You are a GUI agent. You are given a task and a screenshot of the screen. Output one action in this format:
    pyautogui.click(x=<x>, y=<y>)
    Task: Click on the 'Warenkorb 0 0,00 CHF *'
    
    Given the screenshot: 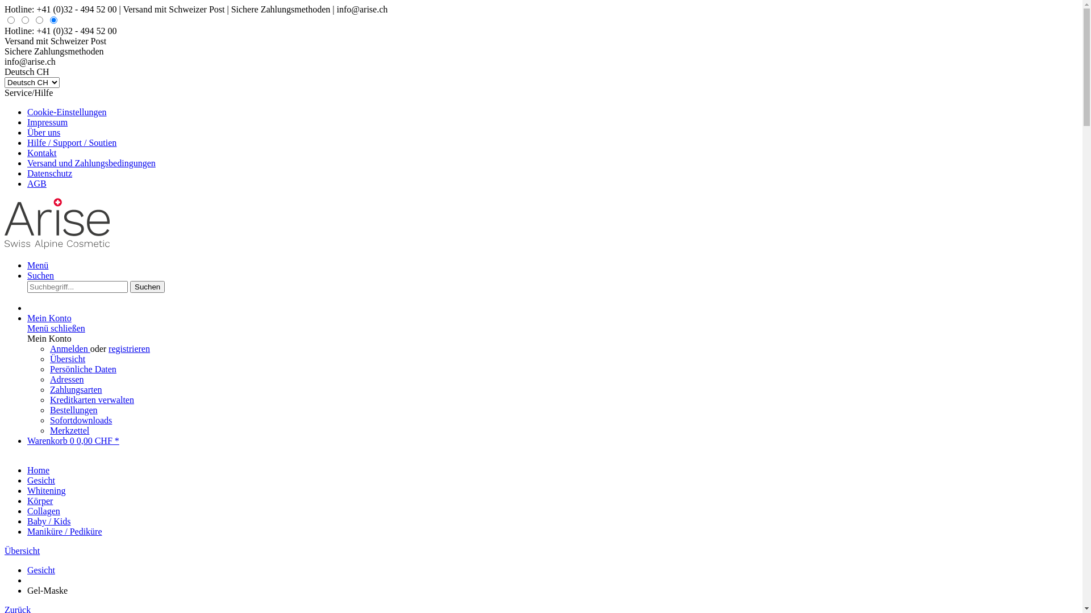 What is the action you would take?
    pyautogui.click(x=73, y=440)
    